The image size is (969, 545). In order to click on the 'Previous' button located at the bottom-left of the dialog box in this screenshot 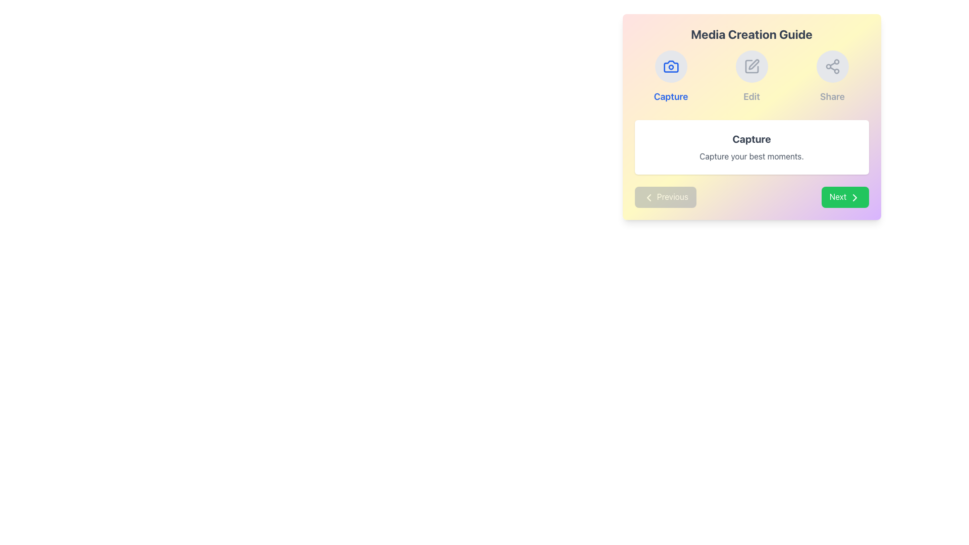, I will do `click(649, 197)`.